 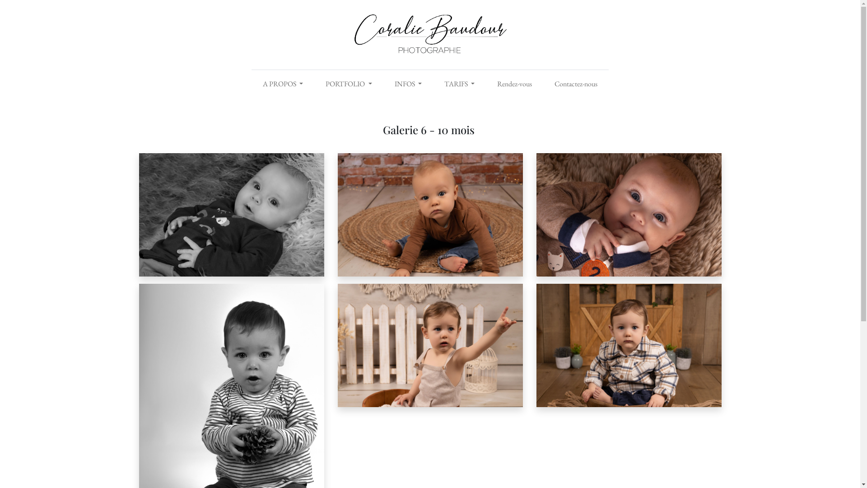 I want to click on 'PORTFOLIO', so click(x=314, y=84).